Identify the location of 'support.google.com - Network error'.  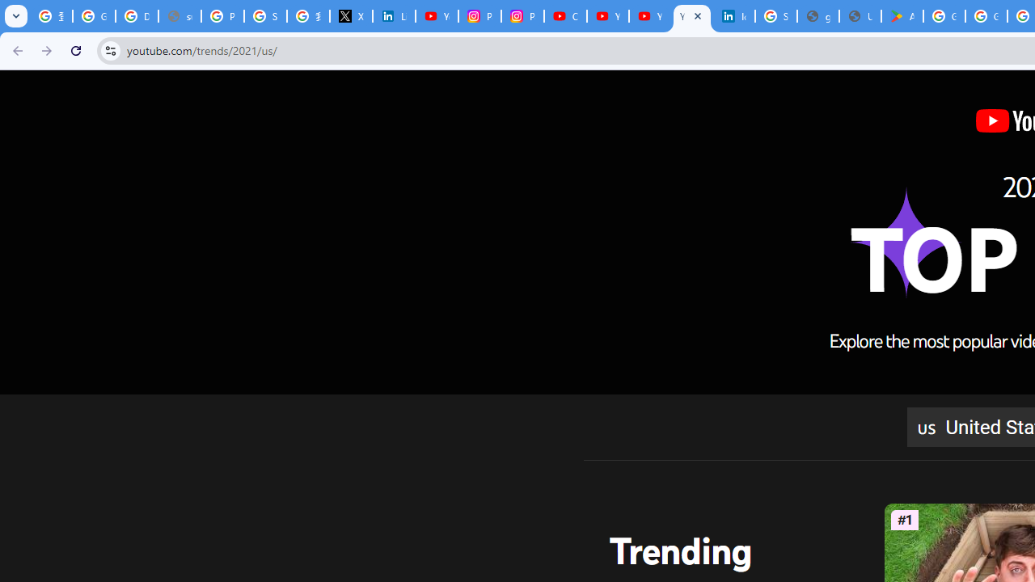
(180, 16).